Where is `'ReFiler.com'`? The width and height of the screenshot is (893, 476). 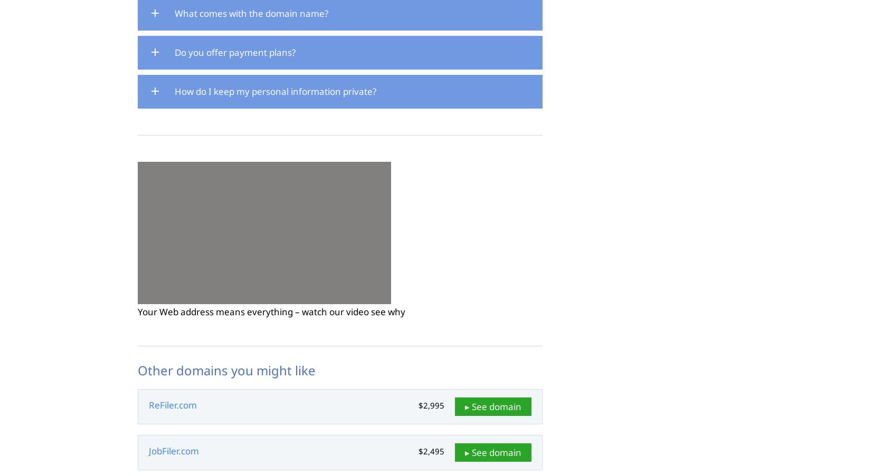 'ReFiler.com' is located at coordinates (172, 405).